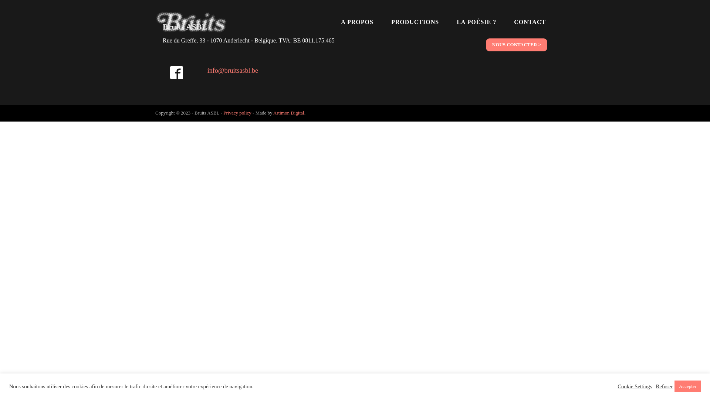 The width and height of the screenshot is (710, 399). What do you see at coordinates (664, 386) in the screenshot?
I see `'Refuser'` at bounding box center [664, 386].